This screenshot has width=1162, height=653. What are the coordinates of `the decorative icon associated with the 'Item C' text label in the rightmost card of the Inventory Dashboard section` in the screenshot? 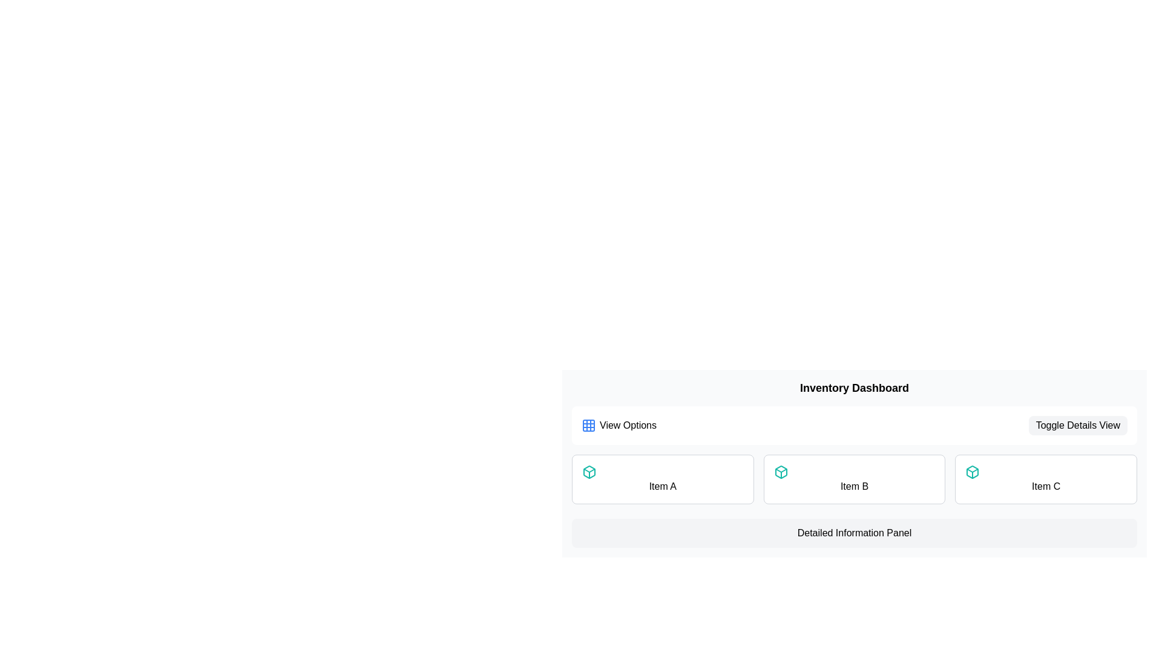 It's located at (973, 471).